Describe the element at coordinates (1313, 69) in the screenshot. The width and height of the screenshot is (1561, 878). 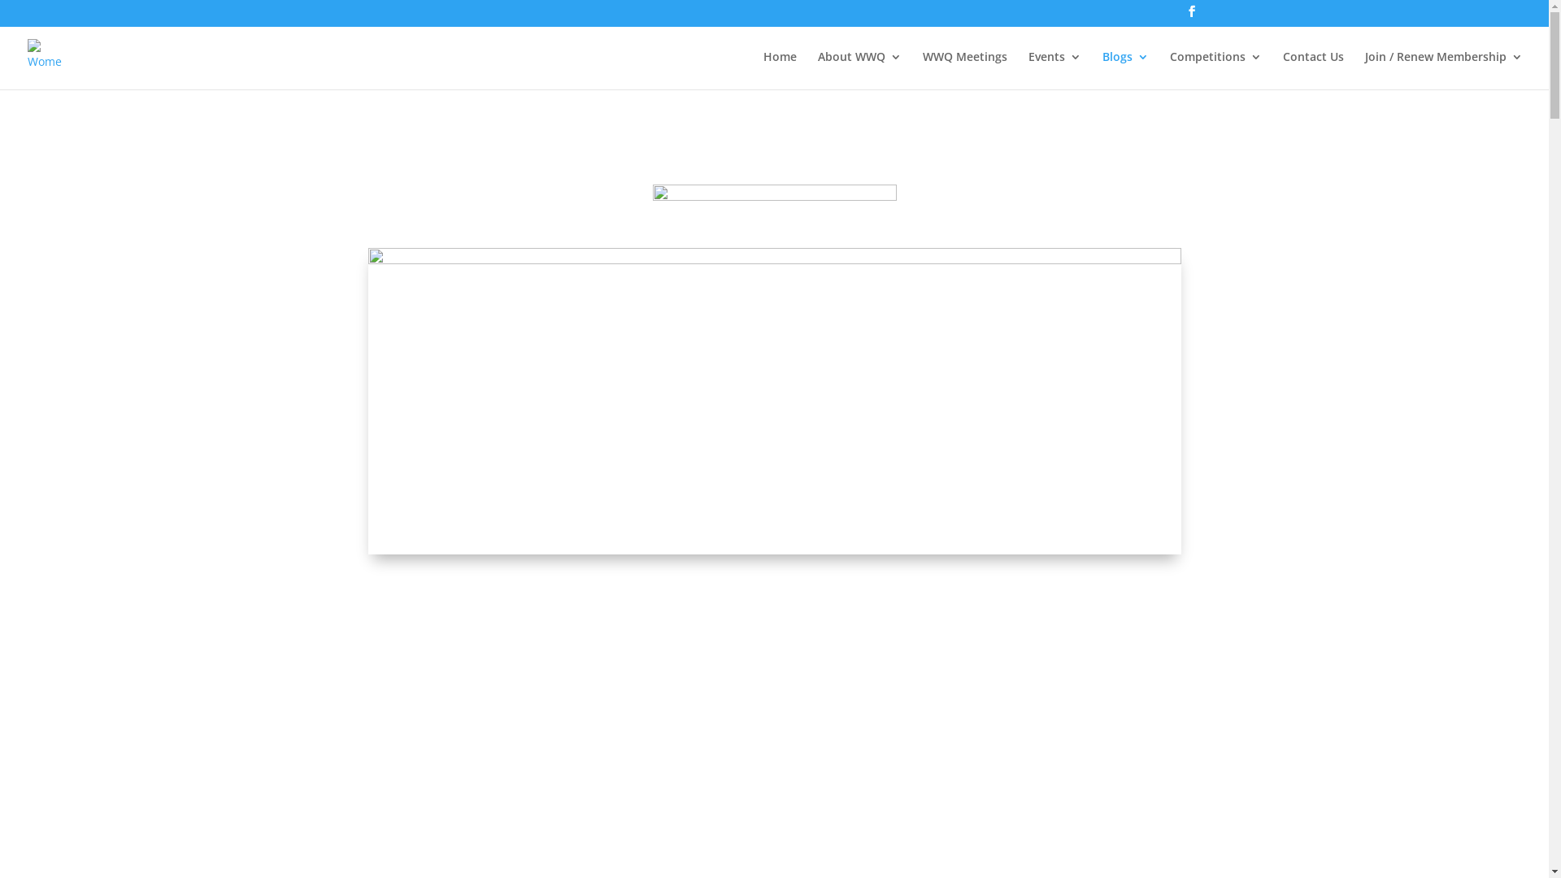
I see `'Contact Us'` at that location.